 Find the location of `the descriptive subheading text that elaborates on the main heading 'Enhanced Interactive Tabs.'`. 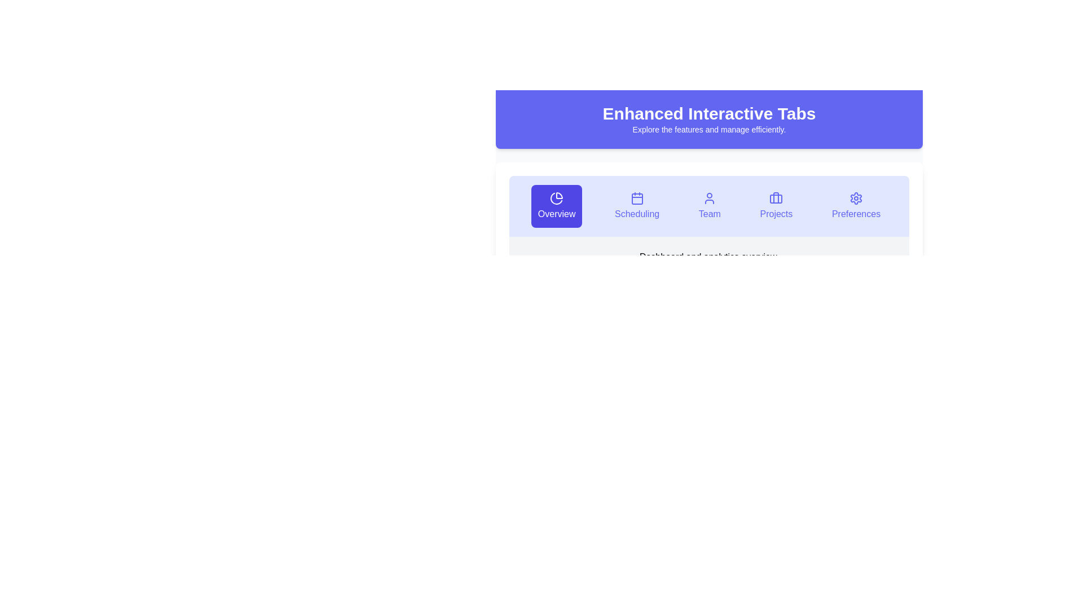

the descriptive subheading text that elaborates on the main heading 'Enhanced Interactive Tabs.' is located at coordinates (708, 129).